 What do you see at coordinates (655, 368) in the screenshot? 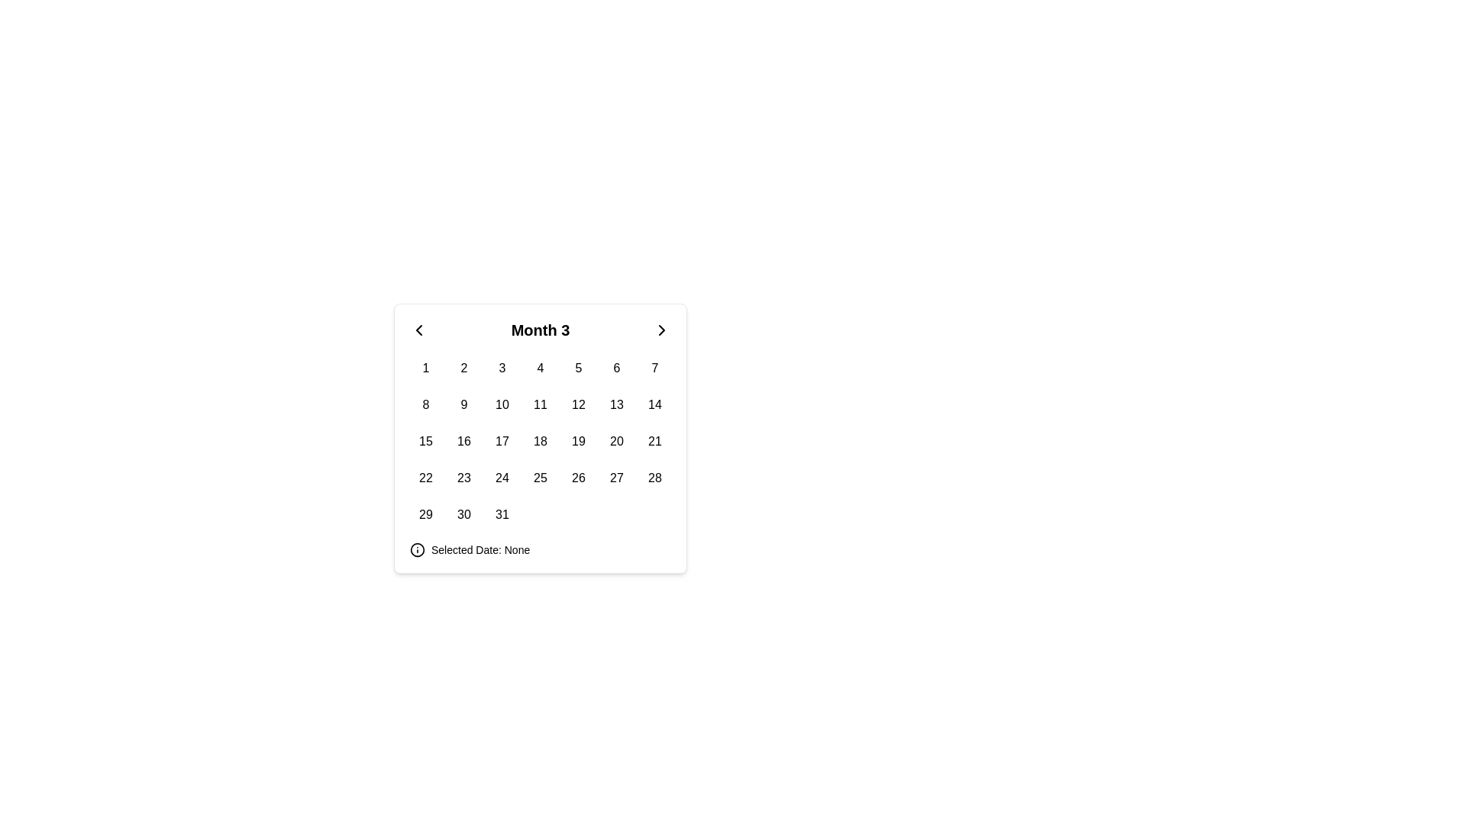
I see `the button labeled '7' in the date picker` at bounding box center [655, 368].